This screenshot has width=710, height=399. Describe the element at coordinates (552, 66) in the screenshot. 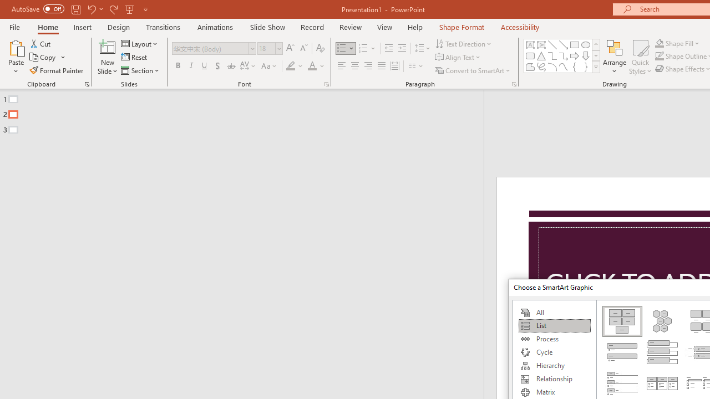

I see `'Arc'` at that location.